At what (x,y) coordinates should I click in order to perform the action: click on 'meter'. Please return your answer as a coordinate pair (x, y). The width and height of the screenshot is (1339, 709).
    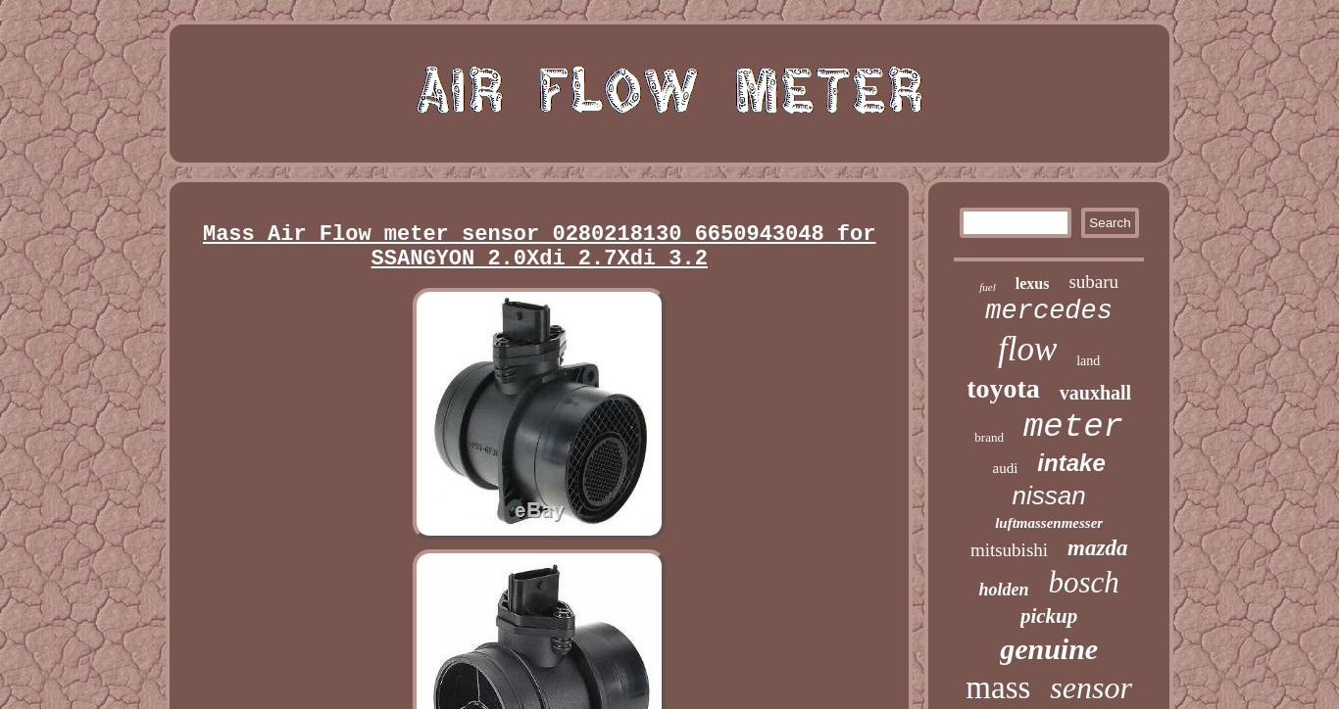
    Looking at the image, I should click on (1020, 426).